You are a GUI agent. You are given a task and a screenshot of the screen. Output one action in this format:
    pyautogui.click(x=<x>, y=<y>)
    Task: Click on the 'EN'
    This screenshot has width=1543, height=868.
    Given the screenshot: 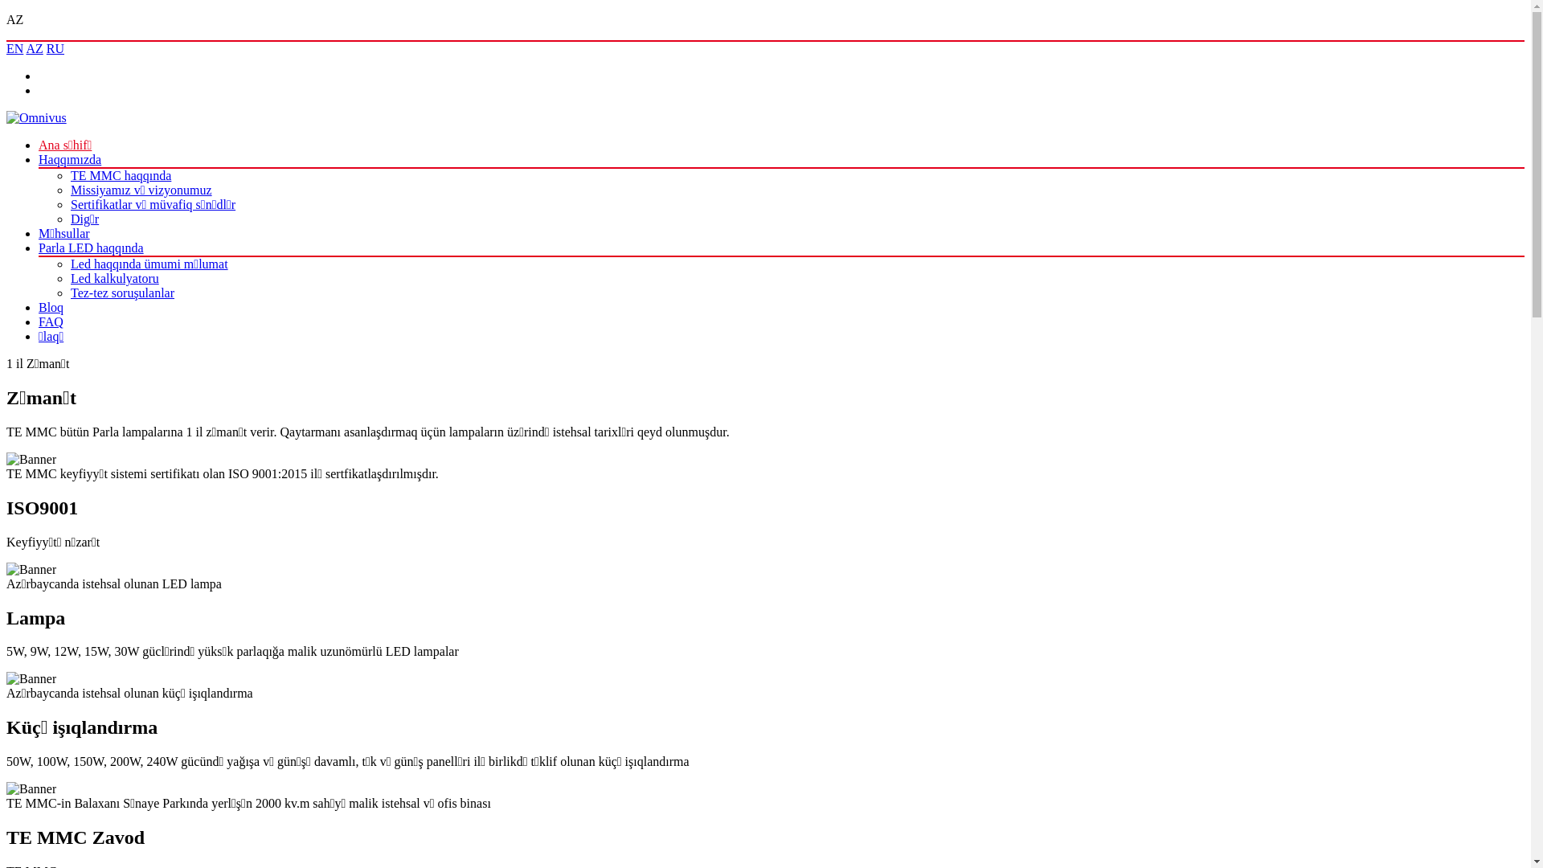 What is the action you would take?
    pyautogui.click(x=14, y=47)
    